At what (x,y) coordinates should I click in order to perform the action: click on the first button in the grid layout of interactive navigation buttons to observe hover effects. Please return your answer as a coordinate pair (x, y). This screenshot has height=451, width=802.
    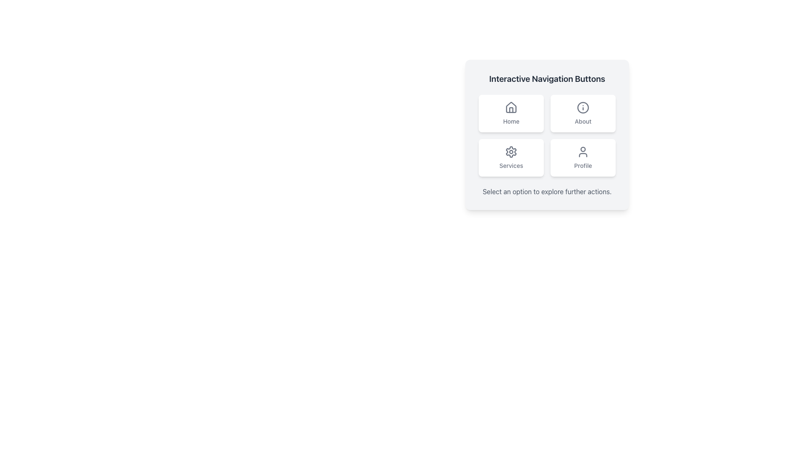
    Looking at the image, I should click on (511, 114).